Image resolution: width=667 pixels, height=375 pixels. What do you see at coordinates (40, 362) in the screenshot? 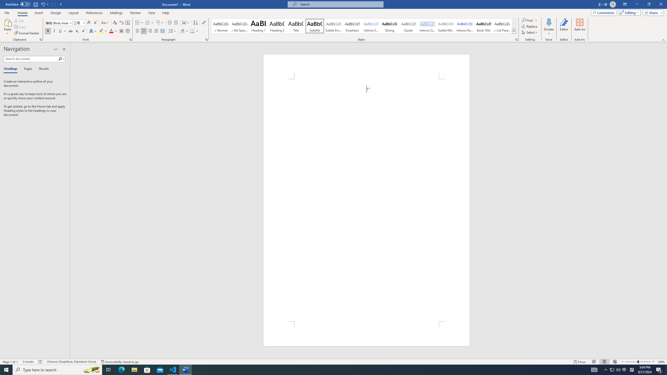
I see `'Spelling and Grammar Check No Errors'` at bounding box center [40, 362].